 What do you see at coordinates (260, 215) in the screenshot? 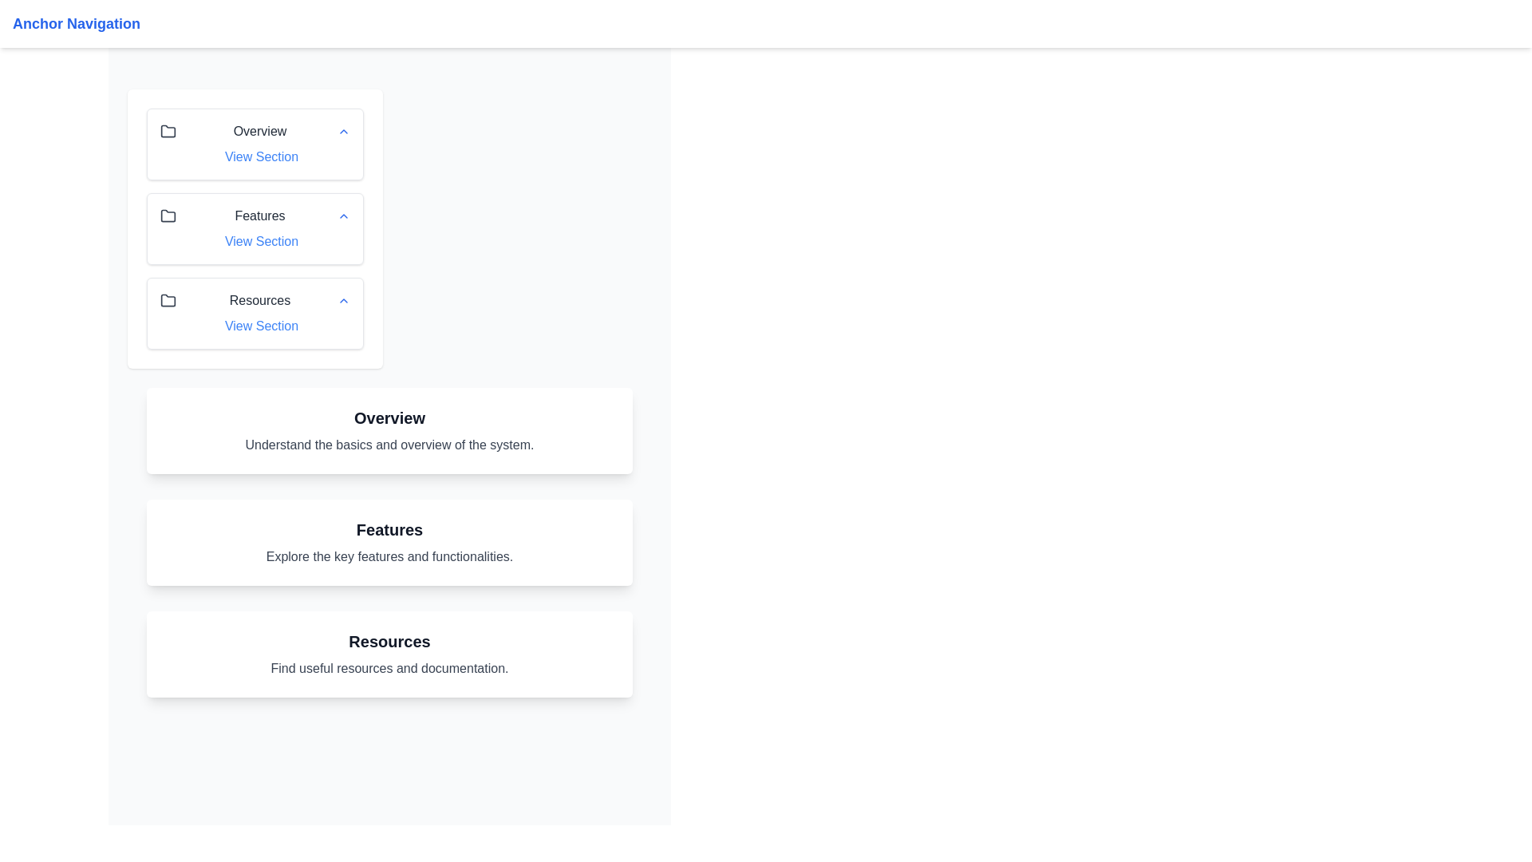
I see `'Features' text label located in the left navigation panel, positioned below 'Overview' and above 'Resources', slightly to the right of the folder icon` at bounding box center [260, 215].